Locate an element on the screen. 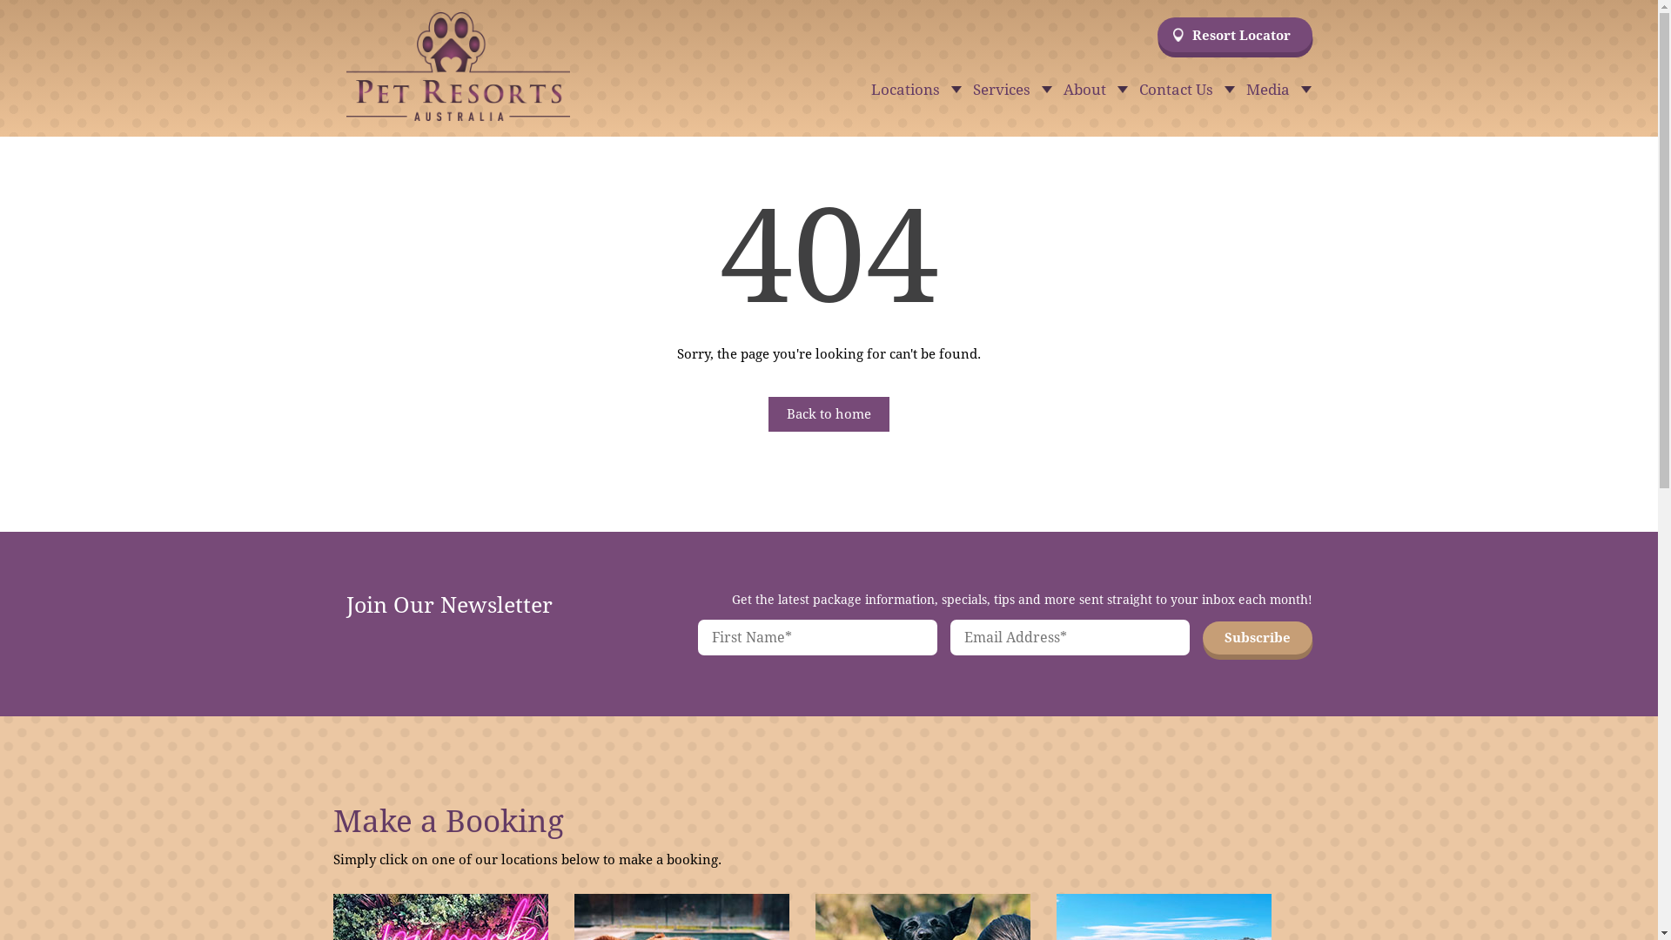 Image resolution: width=1671 pixels, height=940 pixels. 'Locations' is located at coordinates (911, 91).